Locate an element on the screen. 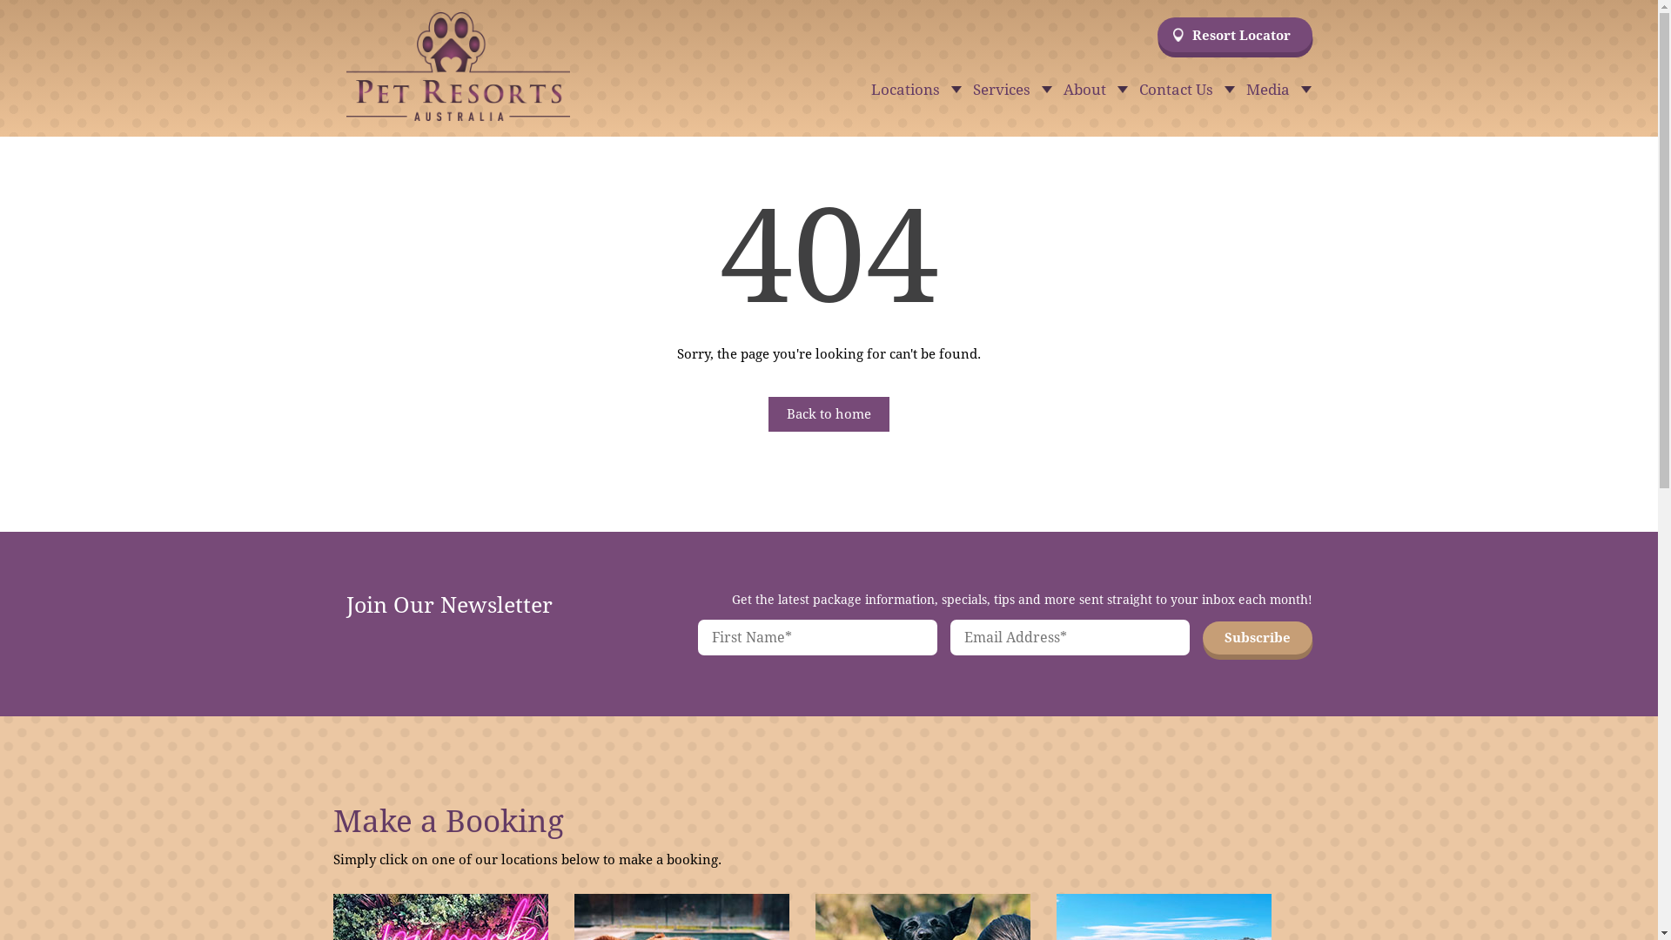 Image resolution: width=1671 pixels, height=940 pixels. 'Locations' is located at coordinates (911, 91).